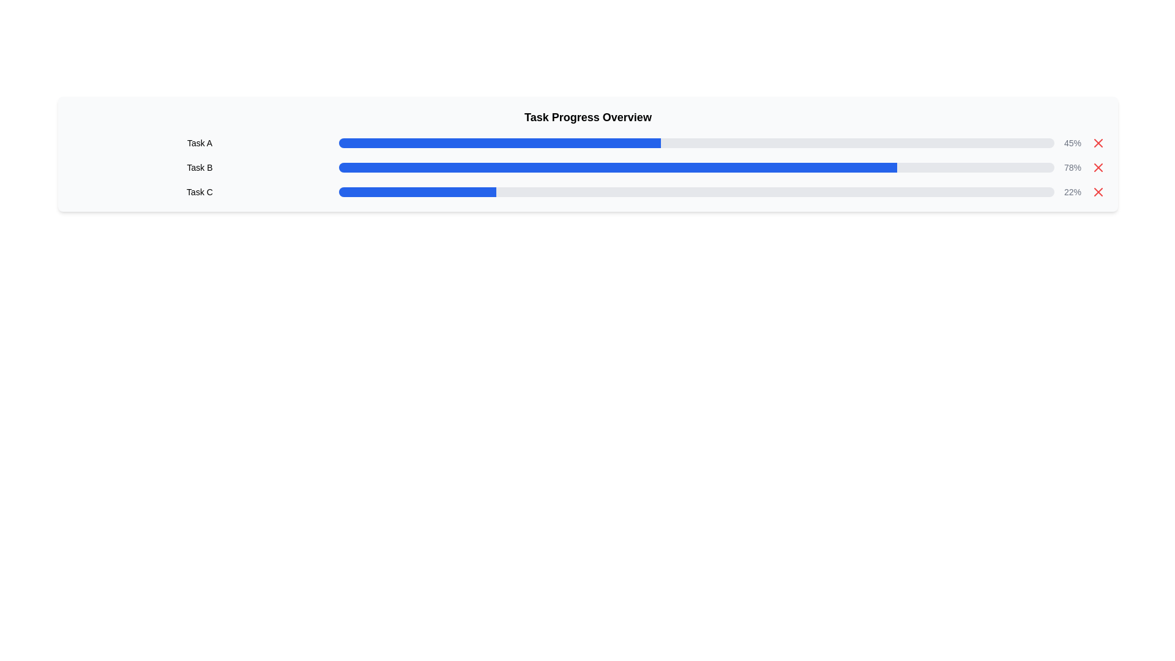  I want to click on the close or delete action button located at the far right of the row for 'Task C', which is positioned to the right of the '22%' percentage text and the progress bar, so click(1099, 192).